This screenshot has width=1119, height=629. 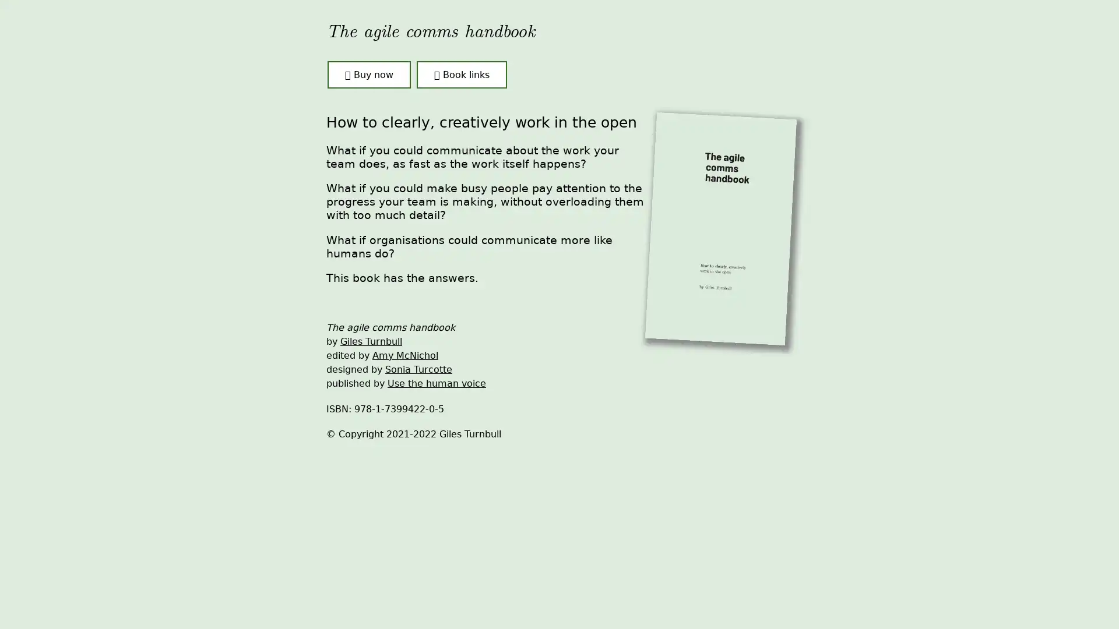 What do you see at coordinates (368, 75) in the screenshot?
I see `Buy now` at bounding box center [368, 75].